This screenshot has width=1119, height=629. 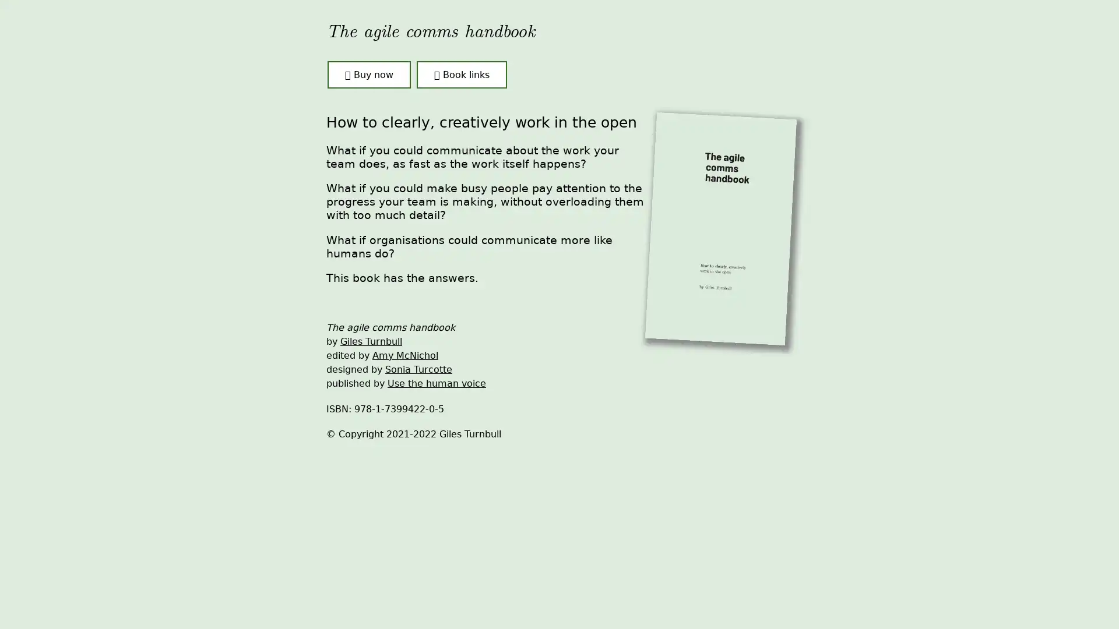 What do you see at coordinates (368, 75) in the screenshot?
I see `Buy now` at bounding box center [368, 75].